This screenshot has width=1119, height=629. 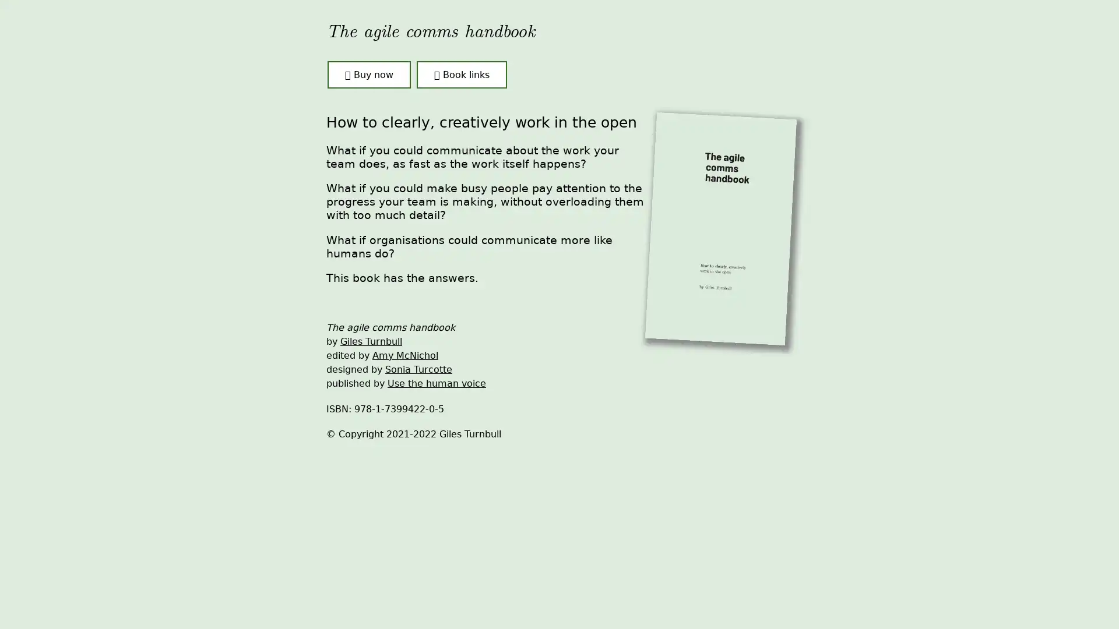 What do you see at coordinates (368, 75) in the screenshot?
I see `Buy now` at bounding box center [368, 75].